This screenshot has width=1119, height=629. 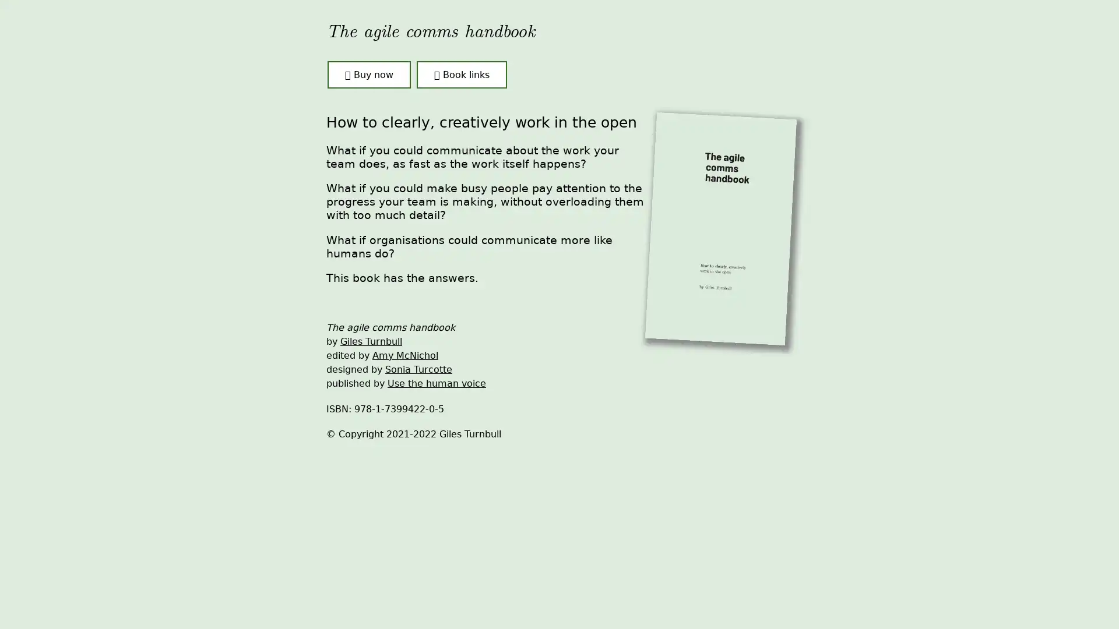 What do you see at coordinates (368, 75) in the screenshot?
I see `Buy now` at bounding box center [368, 75].